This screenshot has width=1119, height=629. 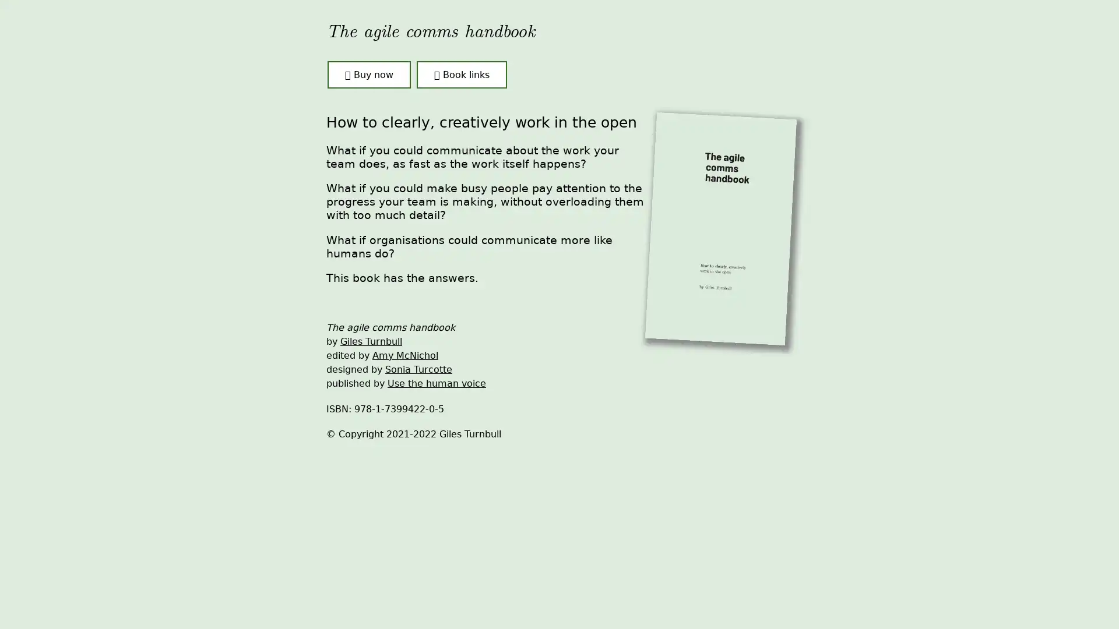 What do you see at coordinates (368, 75) in the screenshot?
I see `Buy now` at bounding box center [368, 75].